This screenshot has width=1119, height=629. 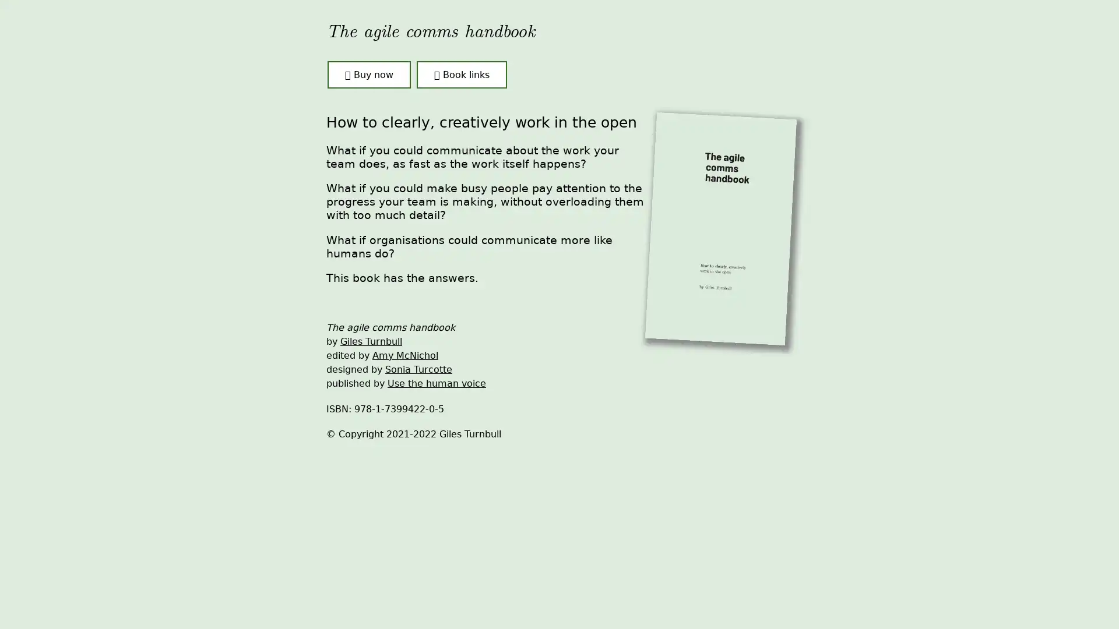 What do you see at coordinates (368, 75) in the screenshot?
I see `Buy now` at bounding box center [368, 75].